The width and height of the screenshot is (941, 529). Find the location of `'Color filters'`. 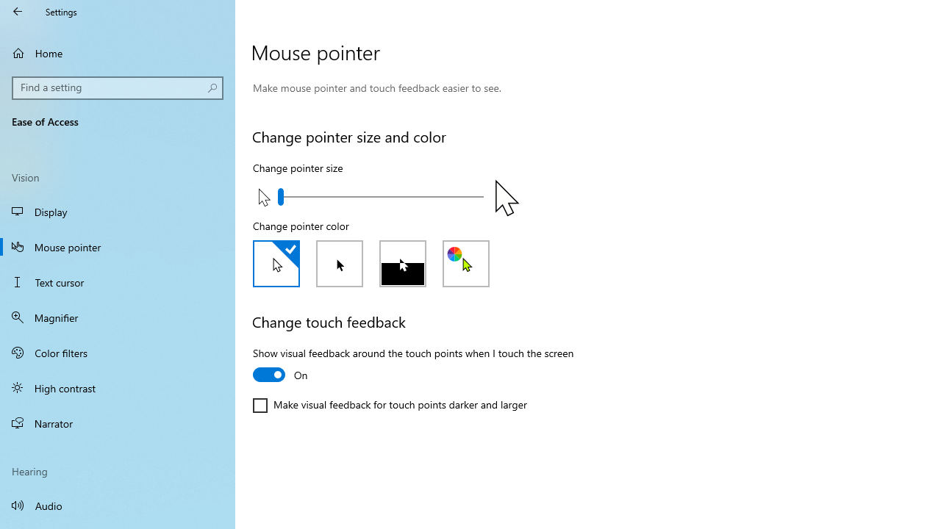

'Color filters' is located at coordinates (118, 352).